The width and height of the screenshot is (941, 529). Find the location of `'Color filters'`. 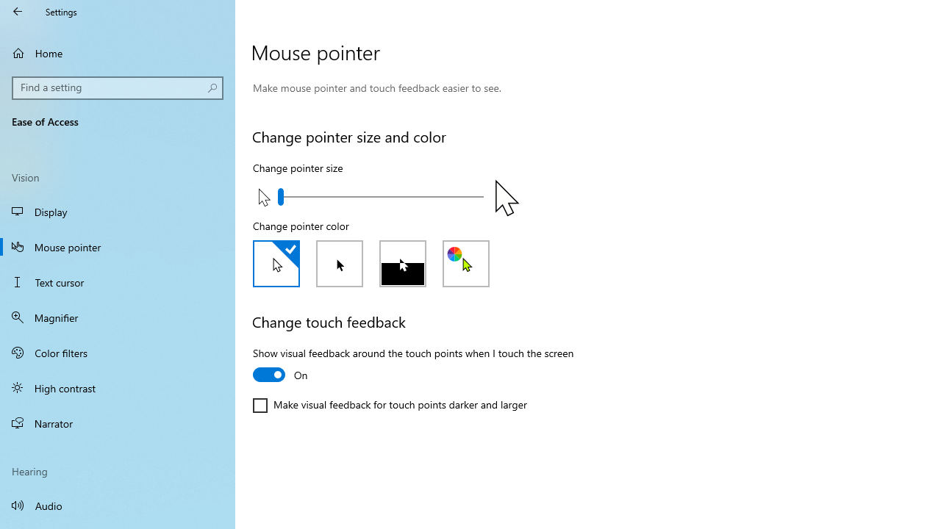

'Color filters' is located at coordinates (118, 352).